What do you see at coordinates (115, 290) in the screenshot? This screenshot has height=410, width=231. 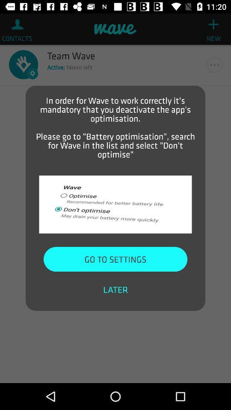 I see `later item` at bounding box center [115, 290].